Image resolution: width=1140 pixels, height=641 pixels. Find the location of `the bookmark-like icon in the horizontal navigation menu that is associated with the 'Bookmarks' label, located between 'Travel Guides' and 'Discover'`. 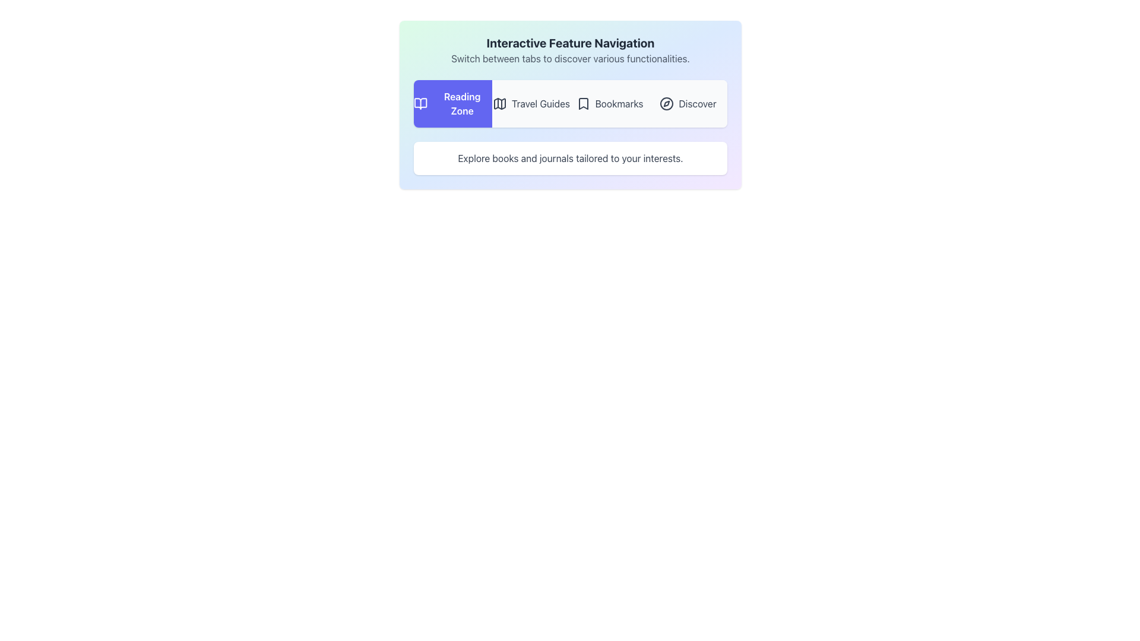

the bookmark-like icon in the horizontal navigation menu that is associated with the 'Bookmarks' label, located between 'Travel Guides' and 'Discover' is located at coordinates (583, 103).